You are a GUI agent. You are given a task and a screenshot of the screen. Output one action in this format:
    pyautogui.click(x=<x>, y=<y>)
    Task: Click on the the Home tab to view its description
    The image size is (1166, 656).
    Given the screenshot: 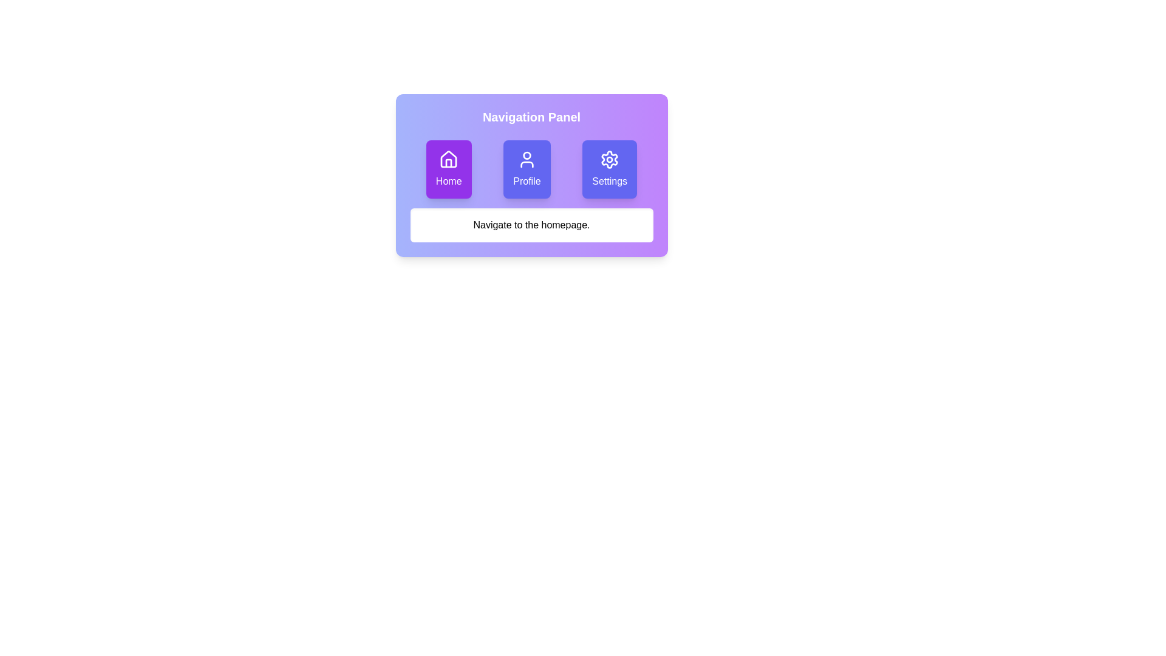 What is the action you would take?
    pyautogui.click(x=448, y=169)
    